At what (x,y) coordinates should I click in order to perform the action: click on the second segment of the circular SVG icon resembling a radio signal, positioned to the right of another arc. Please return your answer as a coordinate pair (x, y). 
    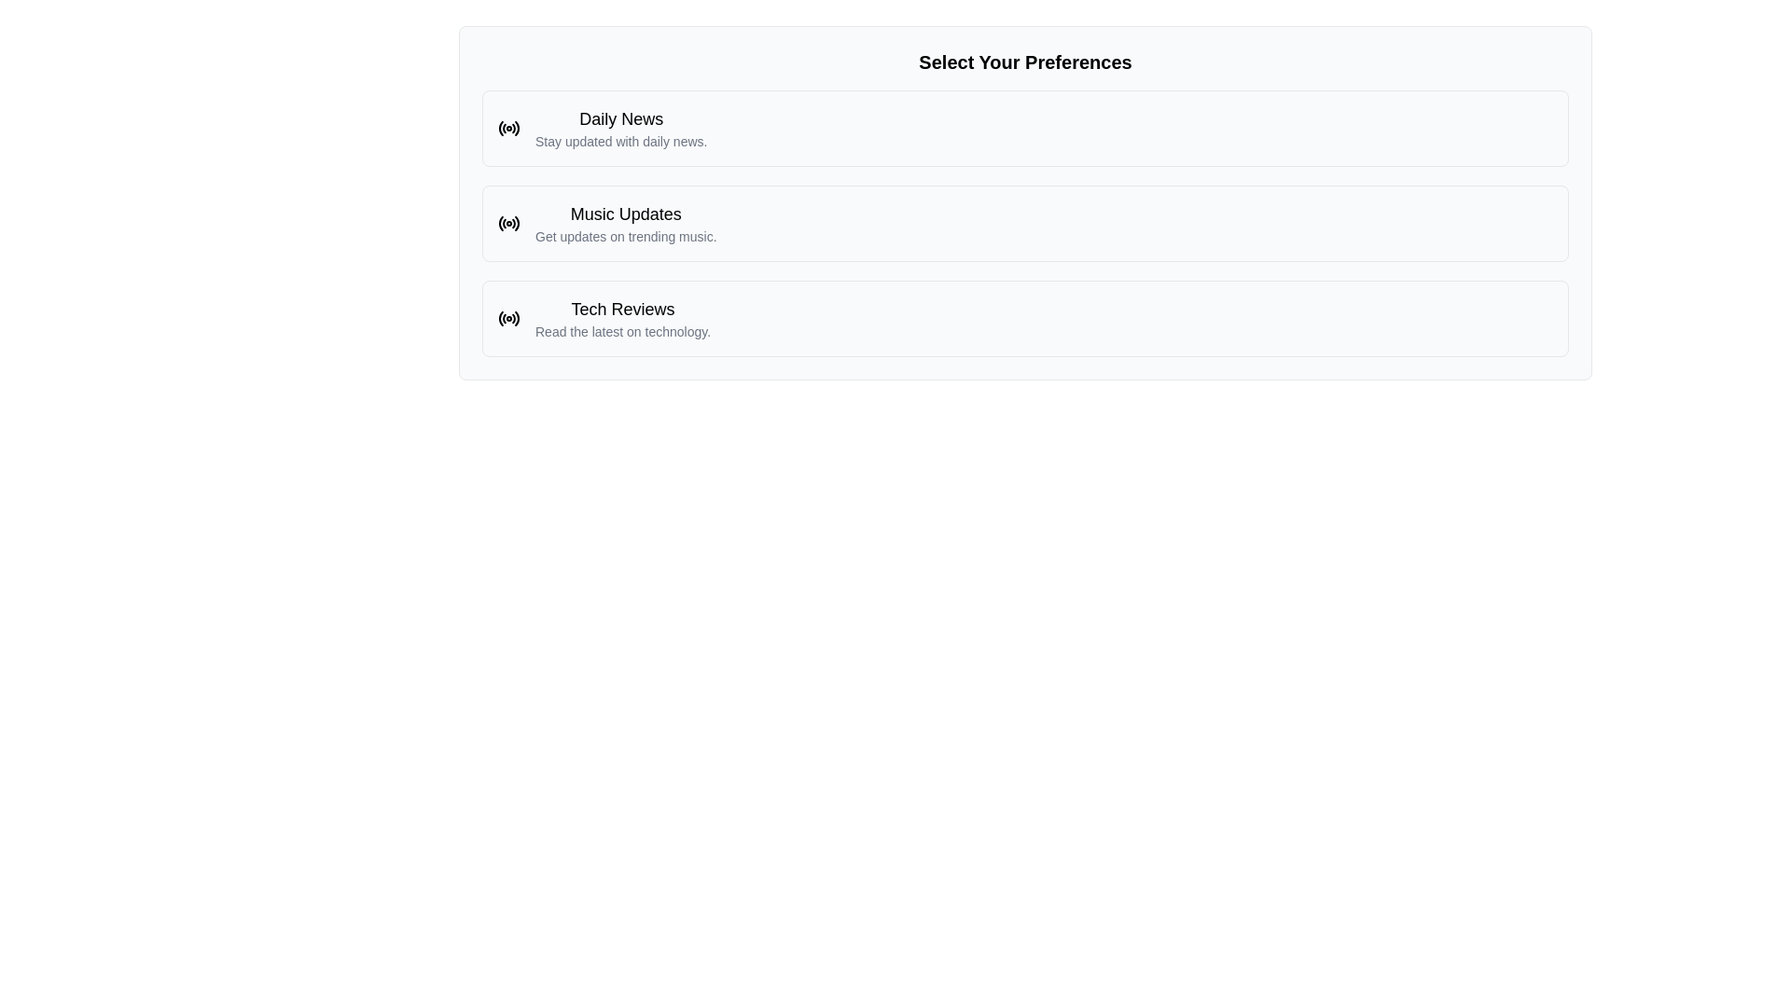
    Looking at the image, I should click on (504, 222).